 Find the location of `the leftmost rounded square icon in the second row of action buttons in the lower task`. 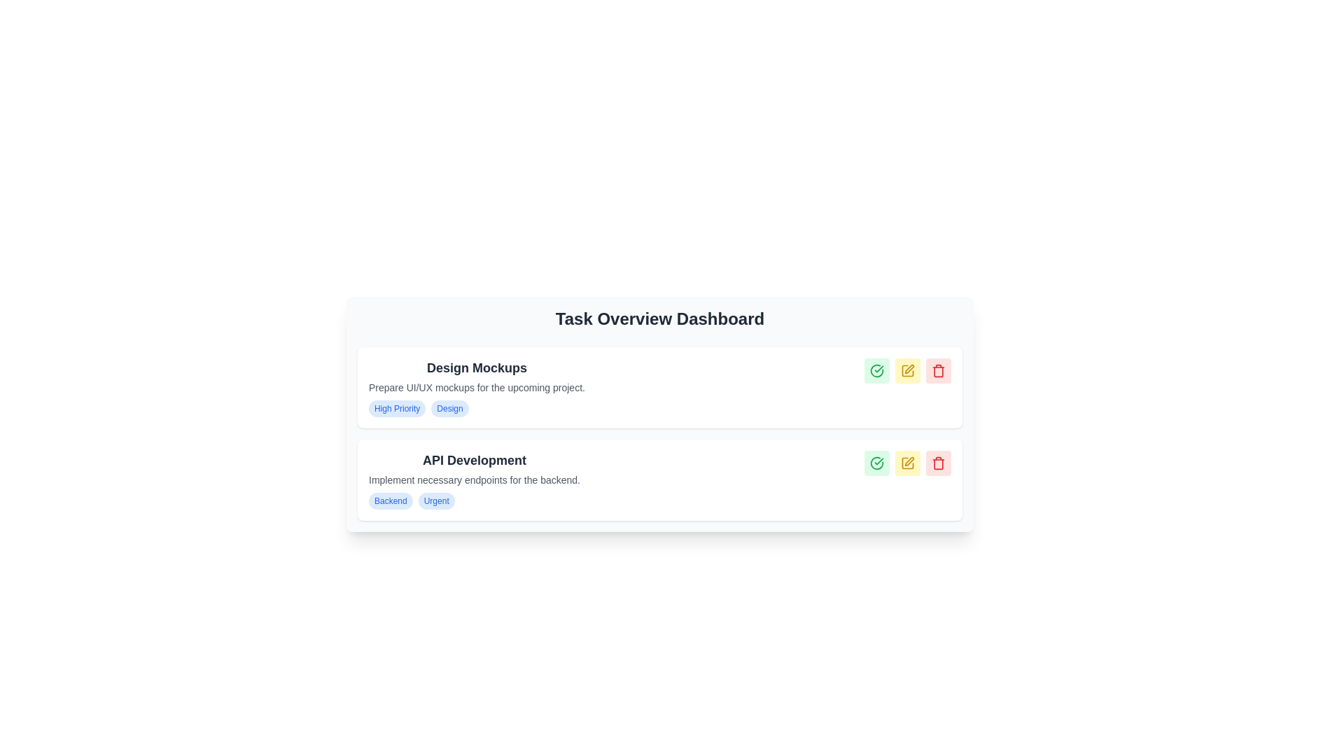

the leftmost rounded square icon in the second row of action buttons in the lower task is located at coordinates (907, 463).